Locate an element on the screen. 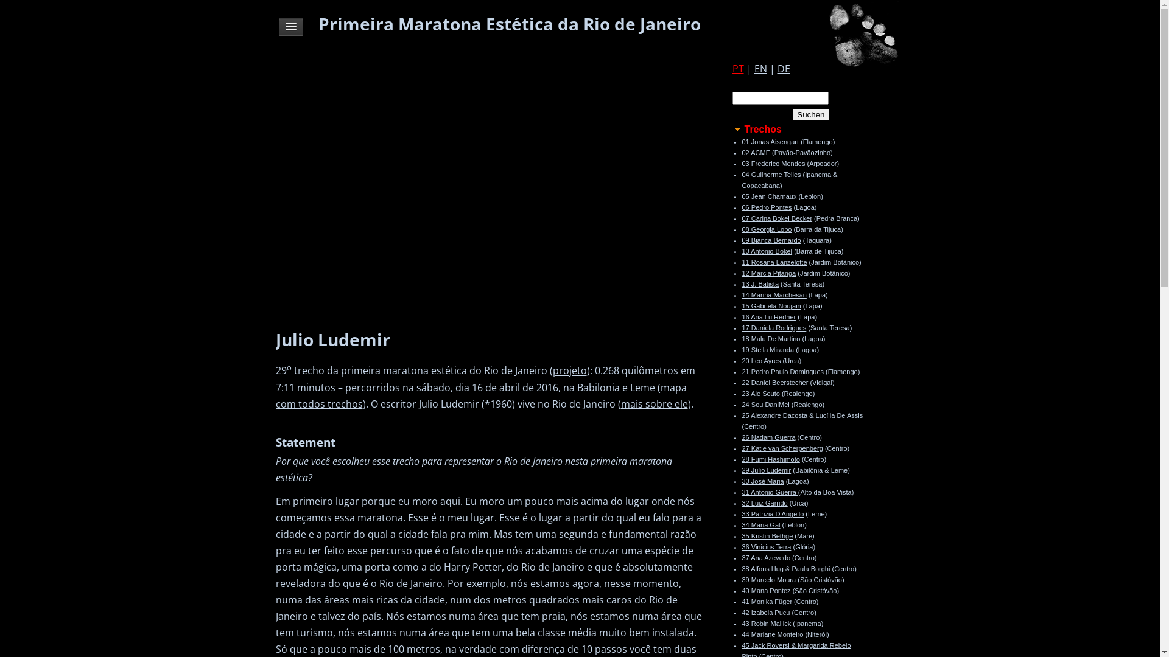 The width and height of the screenshot is (1169, 657). '36 Vinicius Terra' is located at coordinates (765, 546).